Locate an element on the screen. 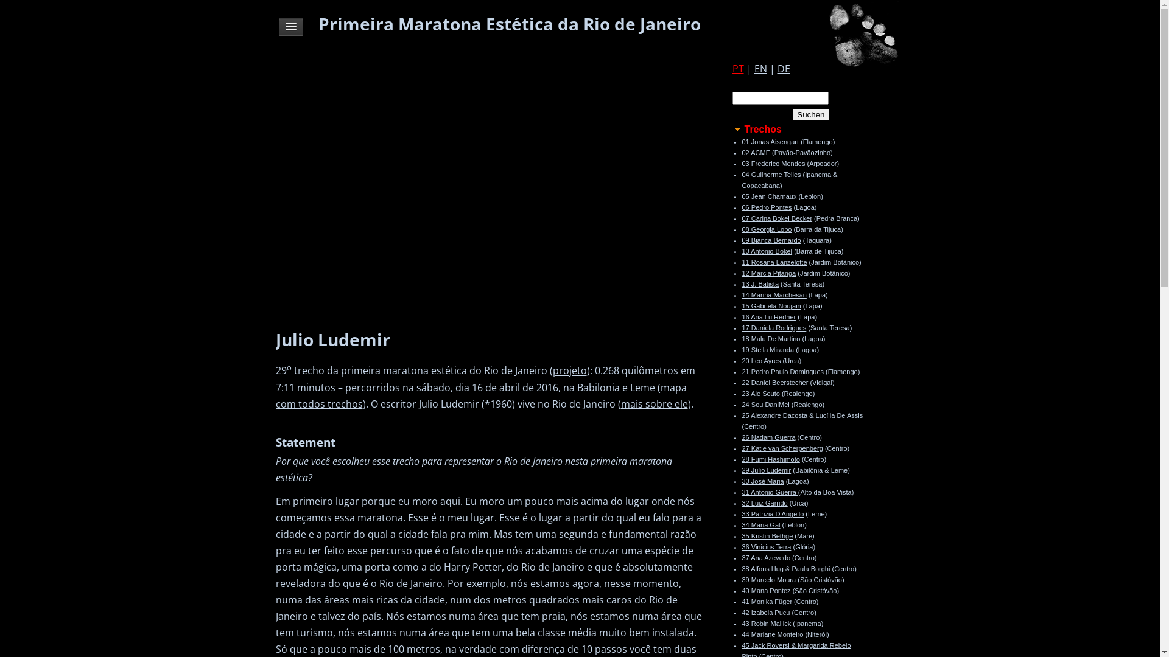 The width and height of the screenshot is (1169, 657). '36 Vinicius Terra' is located at coordinates (765, 546).